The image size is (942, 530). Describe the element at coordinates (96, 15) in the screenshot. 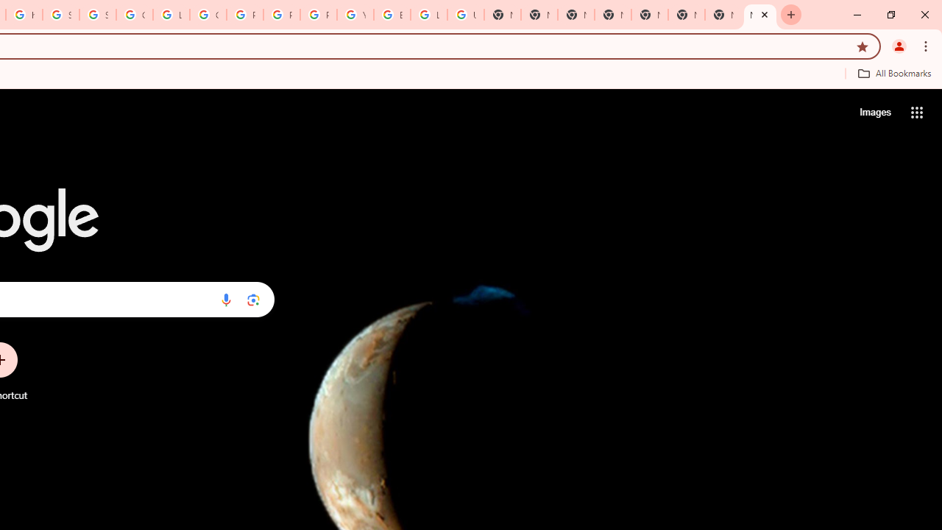

I see `'Sign in - Google Accounts'` at that location.